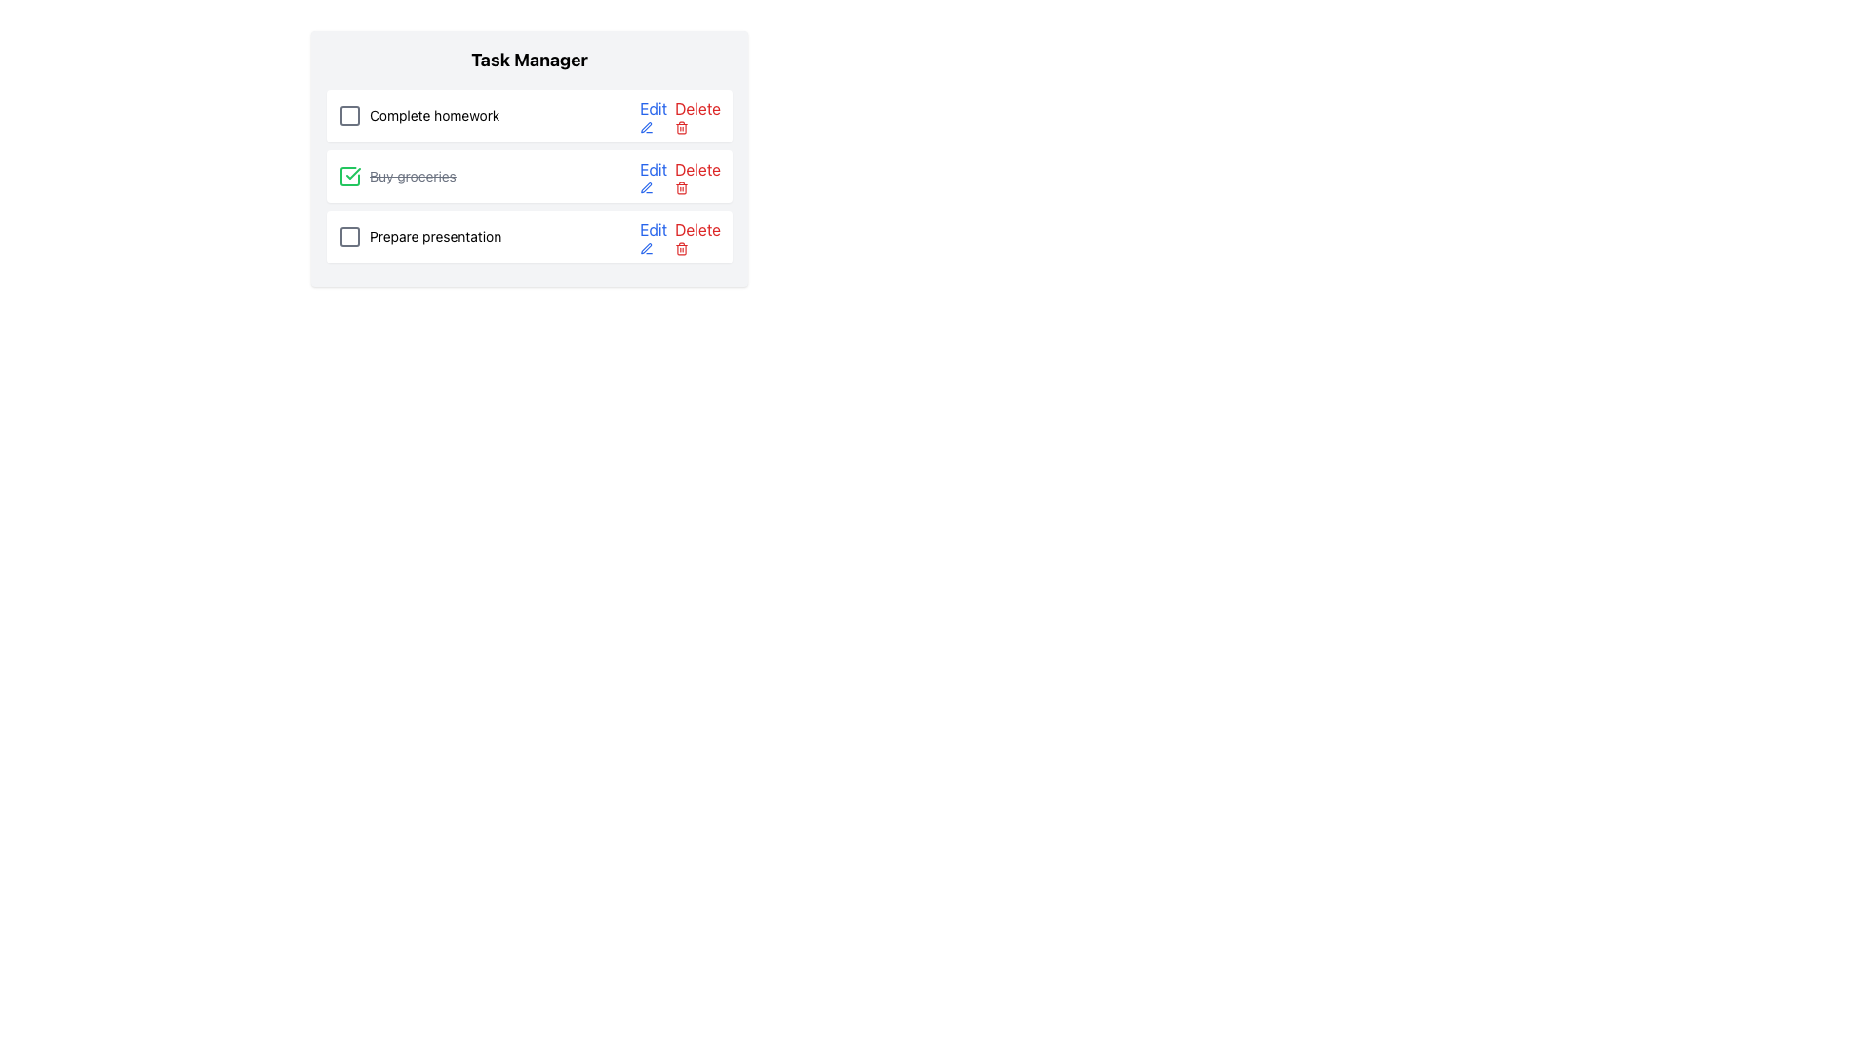  What do you see at coordinates (697, 116) in the screenshot?
I see `the interactive delete button located to the right side of the second task row` at bounding box center [697, 116].